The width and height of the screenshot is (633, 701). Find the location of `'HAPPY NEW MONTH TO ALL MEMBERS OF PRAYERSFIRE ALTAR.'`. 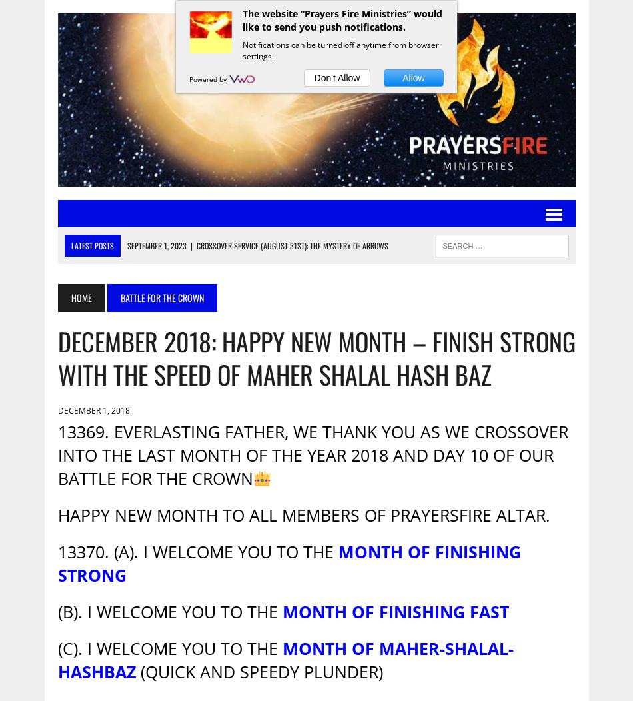

'HAPPY NEW MONTH TO ALL MEMBERS OF PRAYERSFIRE ALTAR.' is located at coordinates (303, 514).